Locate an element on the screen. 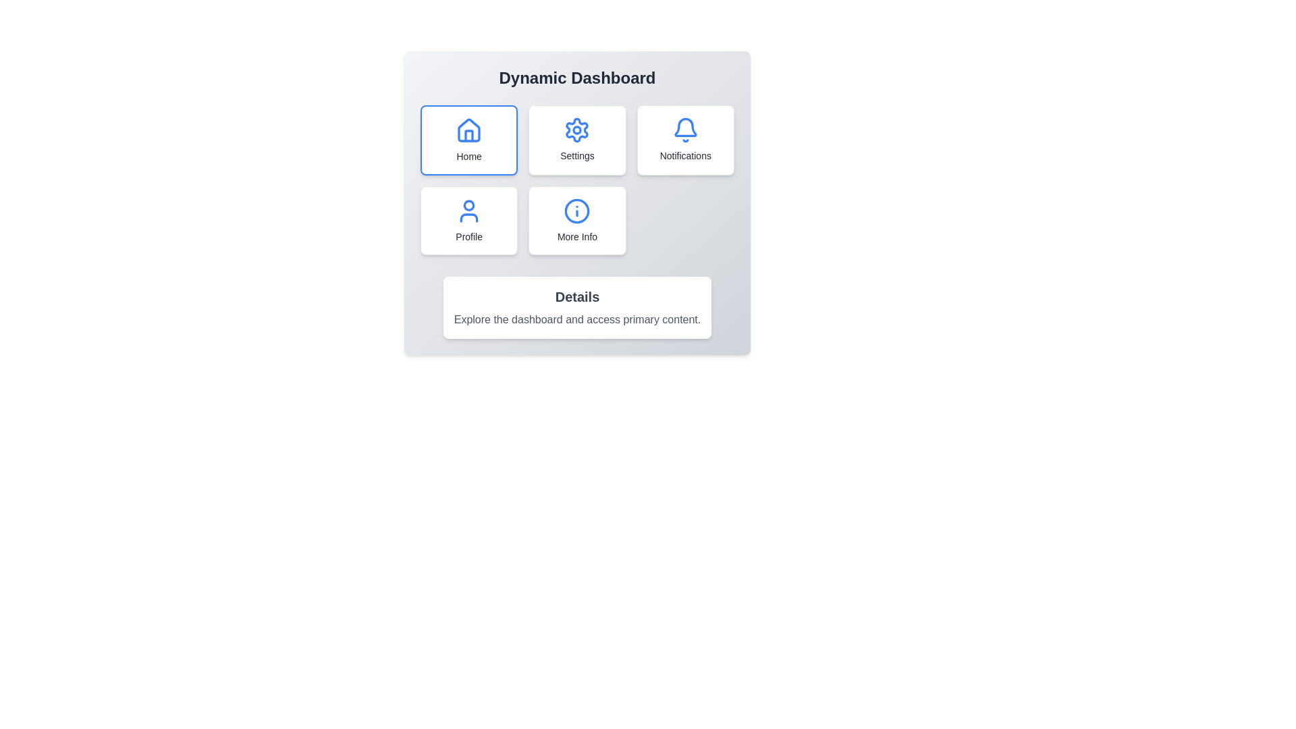 The height and width of the screenshot is (729, 1296). the information icon within the 'More Info' button, which is visually represented by a circular boundary containing an information symbol, located in the second row and third column of the main button grid is located at coordinates (577, 211).